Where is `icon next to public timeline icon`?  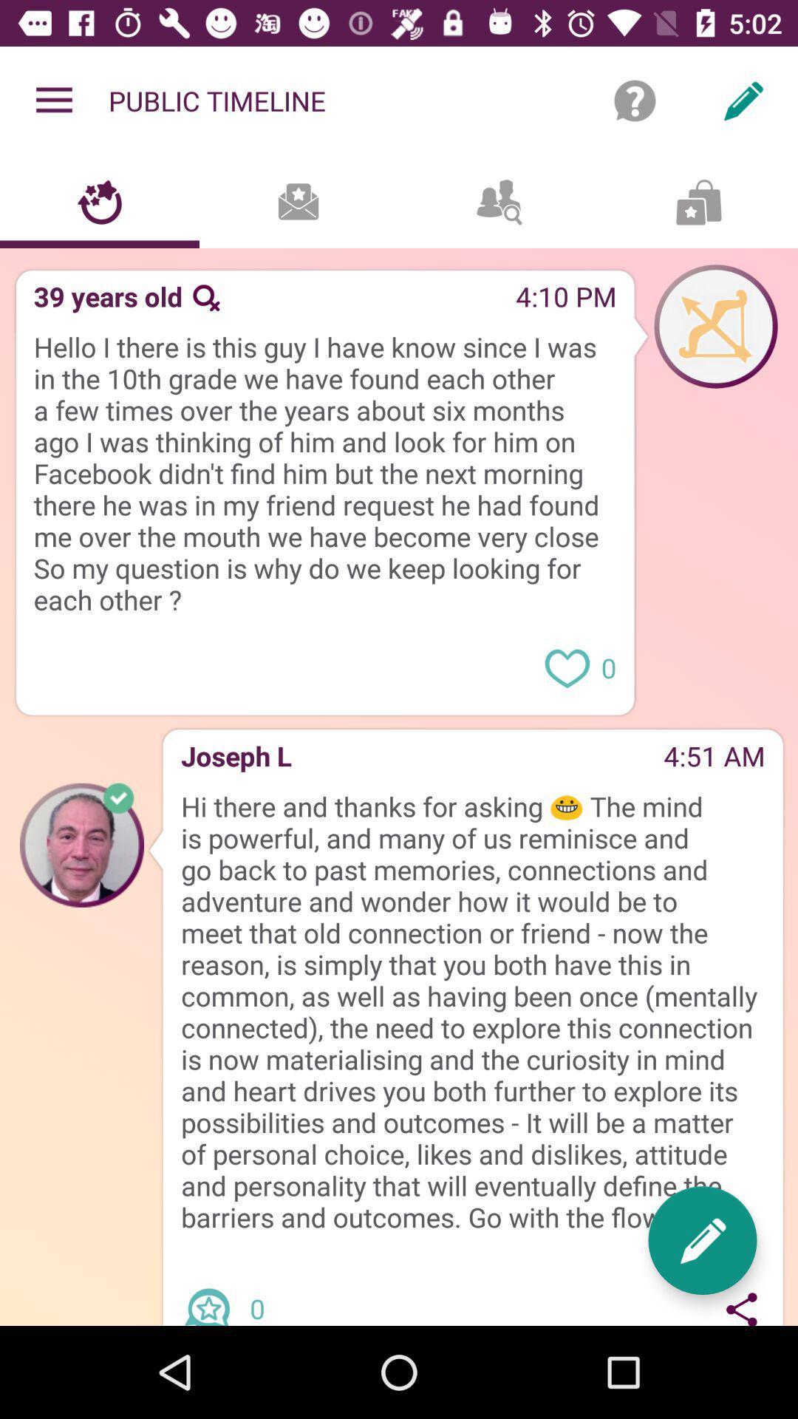
icon next to public timeline icon is located at coordinates (634, 100).